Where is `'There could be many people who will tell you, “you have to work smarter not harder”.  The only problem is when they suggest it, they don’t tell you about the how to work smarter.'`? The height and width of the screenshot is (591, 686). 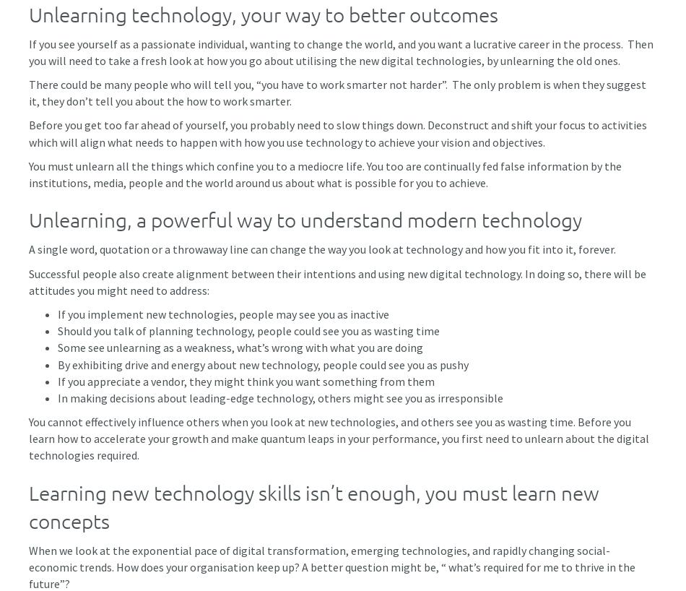
'There could be many people who will tell you, “you have to work smarter not harder”.  The only problem is when they suggest it, they don’t tell you about the how to work smarter.' is located at coordinates (28, 92).